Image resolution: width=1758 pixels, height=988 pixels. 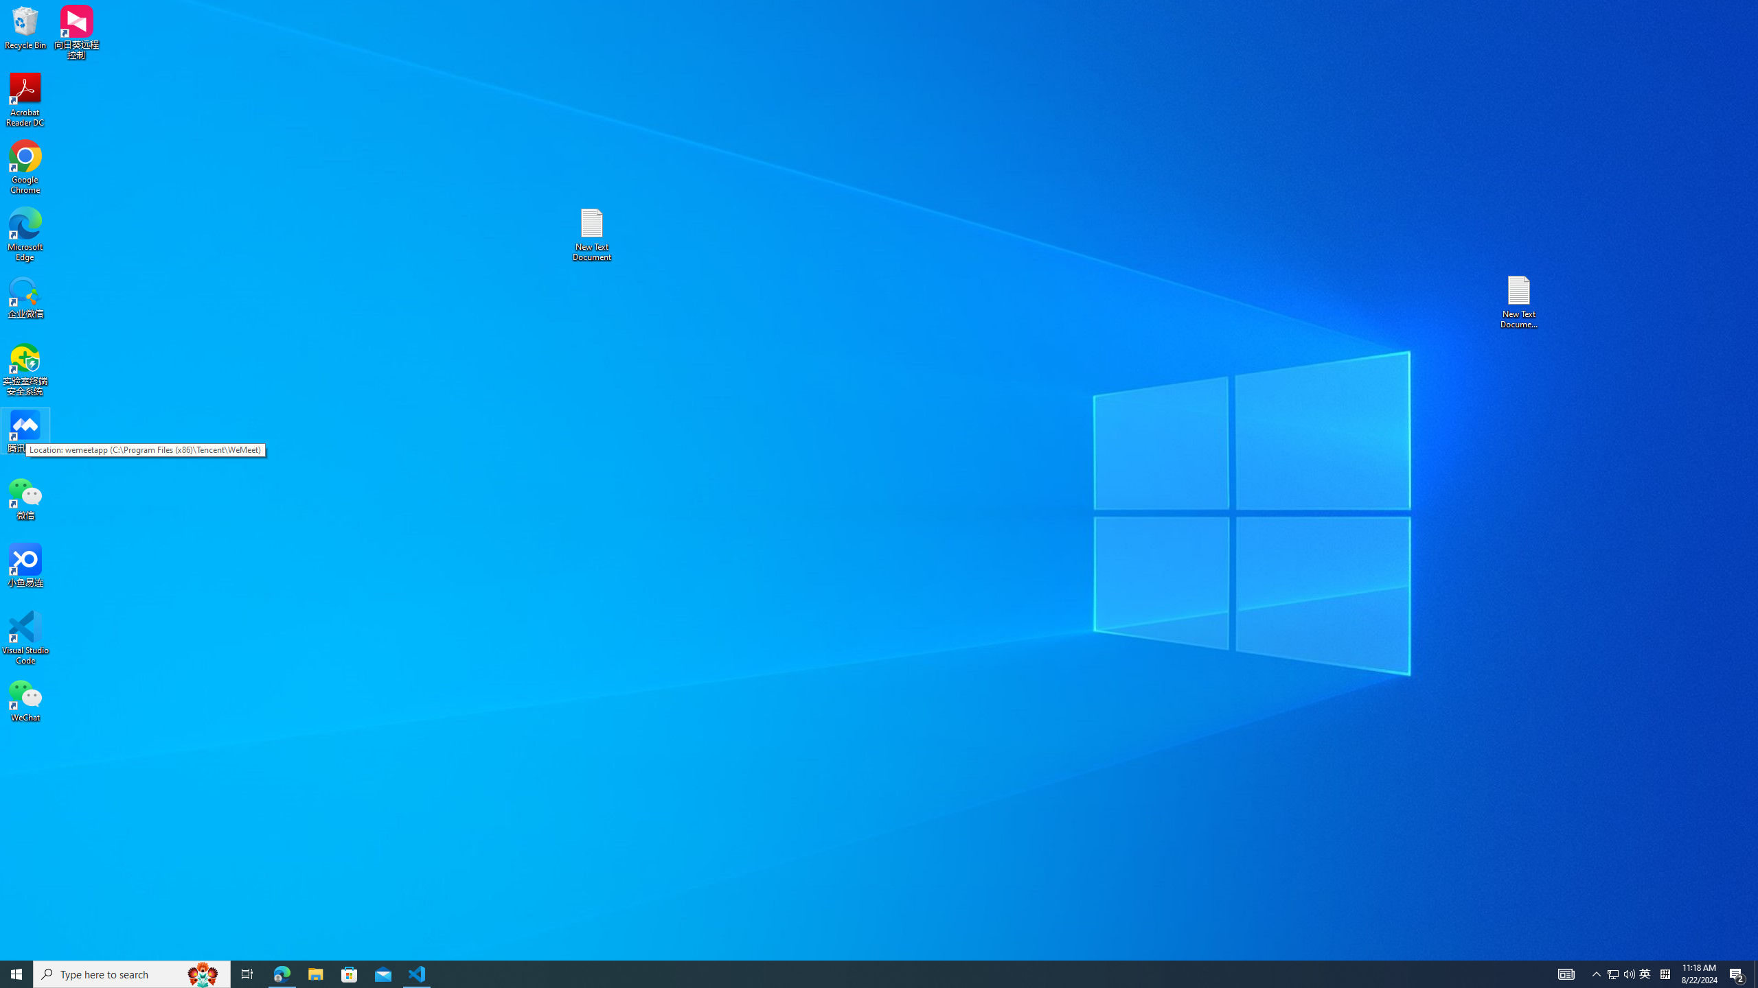 I want to click on 'Microsoft Edge', so click(x=25, y=234).